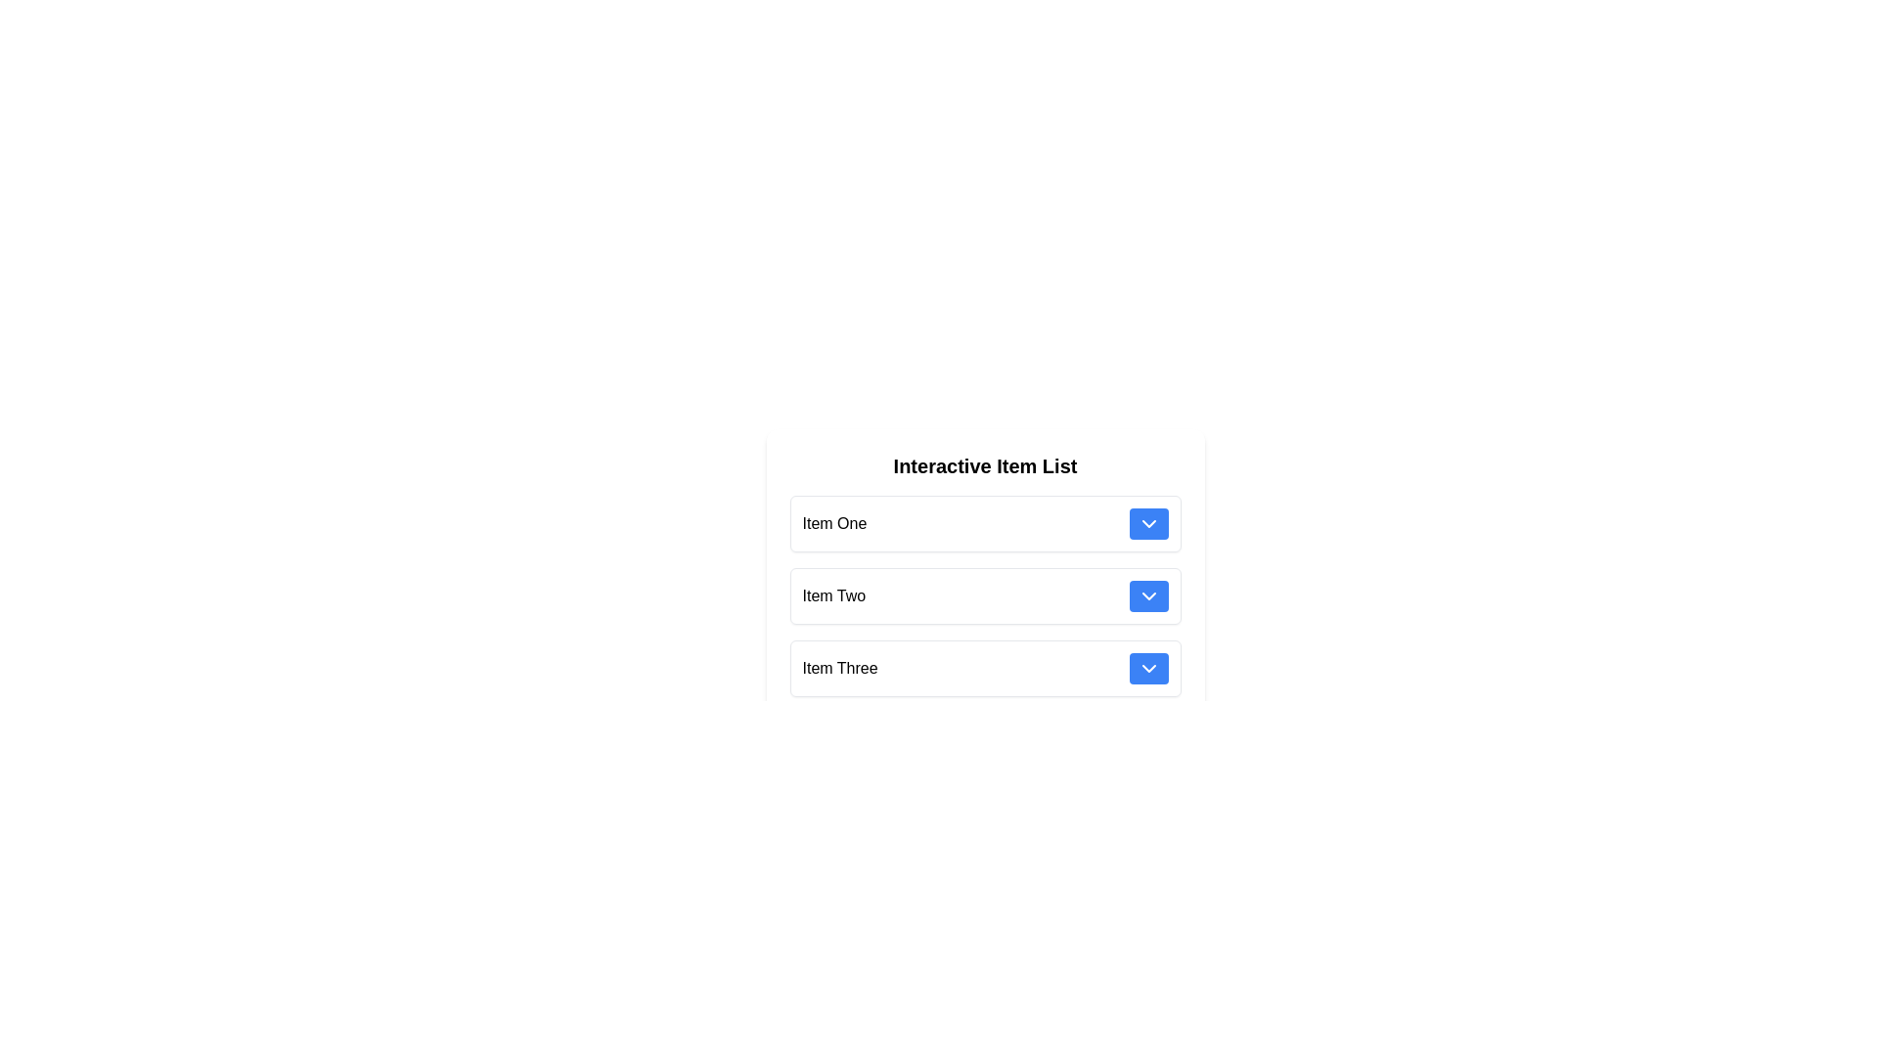  What do you see at coordinates (1148, 667) in the screenshot?
I see `the blue rectangular button with rounded corners and a downward-pointing chevron icon located to the rightmost side of the third row labeled 'Item Three'` at bounding box center [1148, 667].